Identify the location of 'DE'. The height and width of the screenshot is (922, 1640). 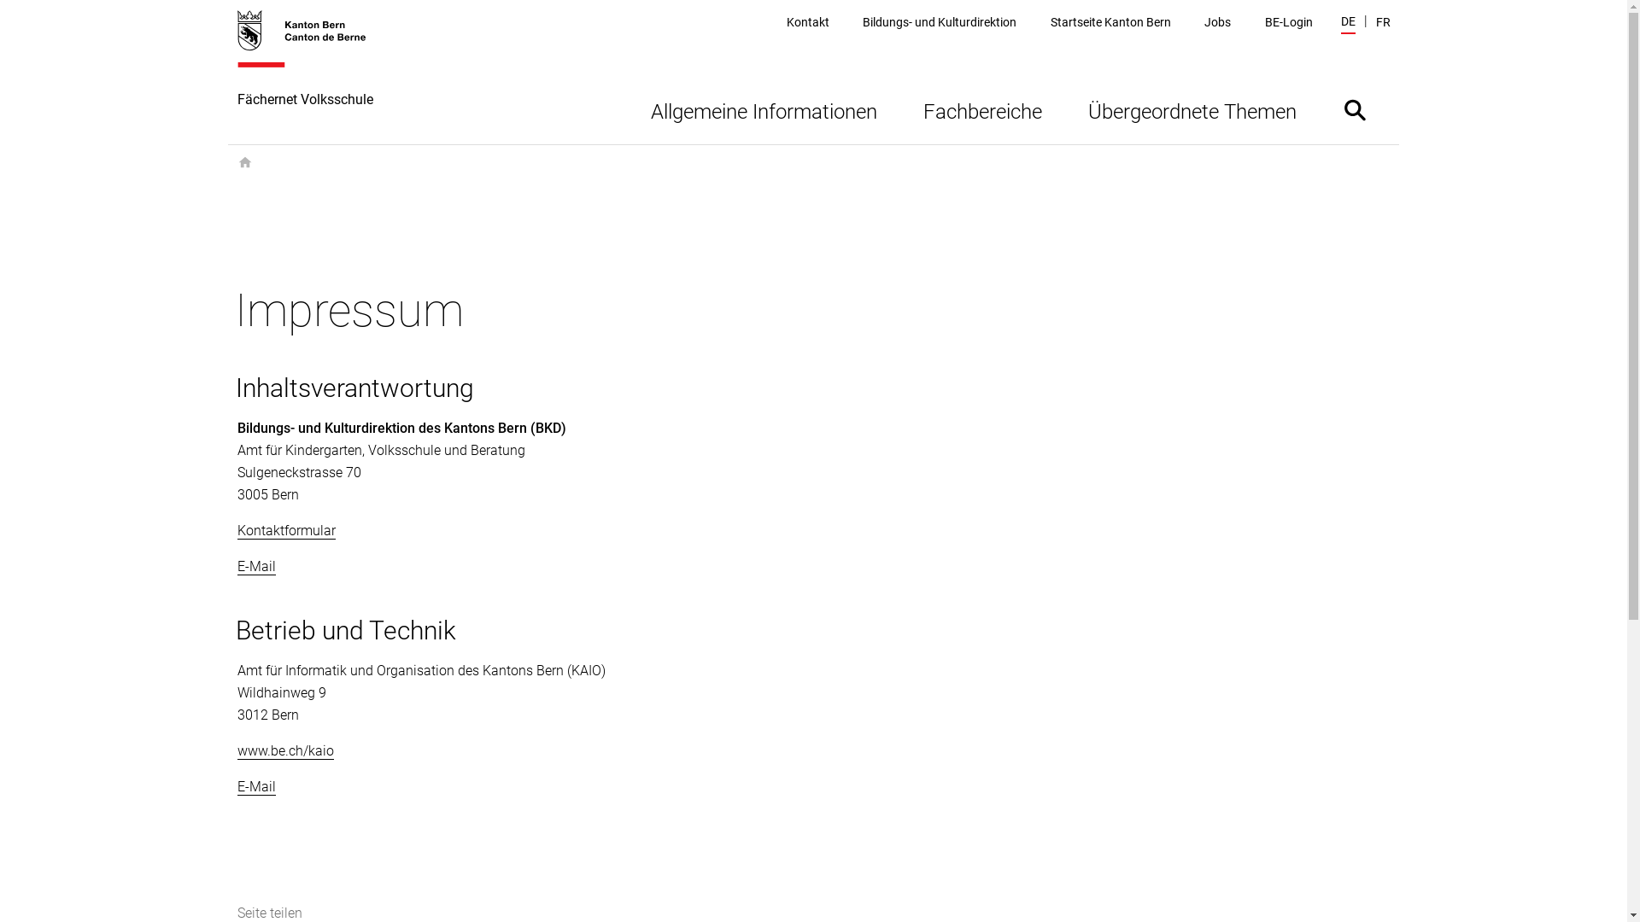
(1347, 23).